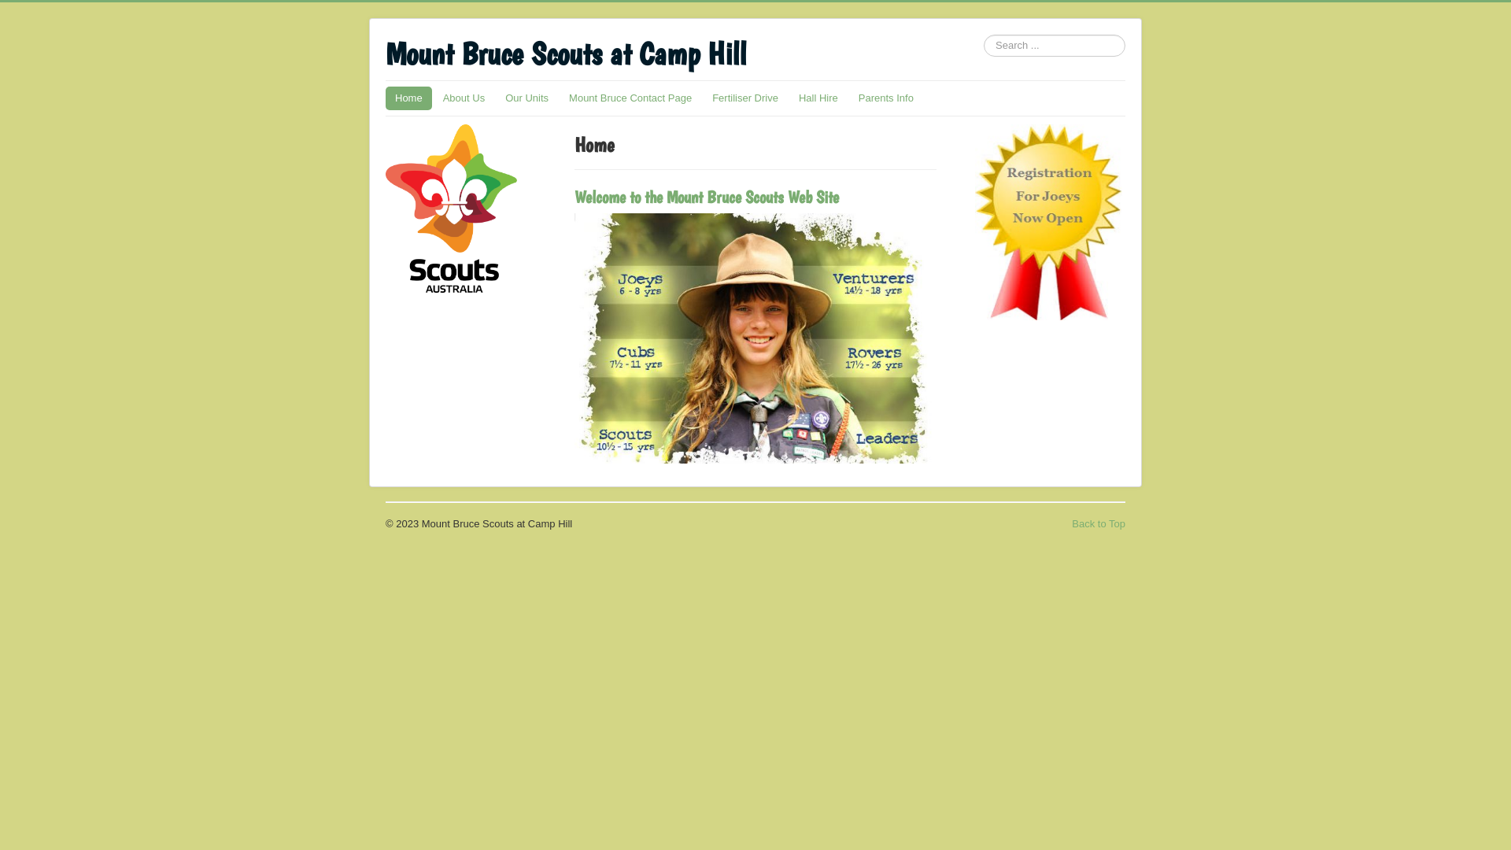 This screenshot has height=850, width=1511. What do you see at coordinates (408, 98) in the screenshot?
I see `'Home'` at bounding box center [408, 98].